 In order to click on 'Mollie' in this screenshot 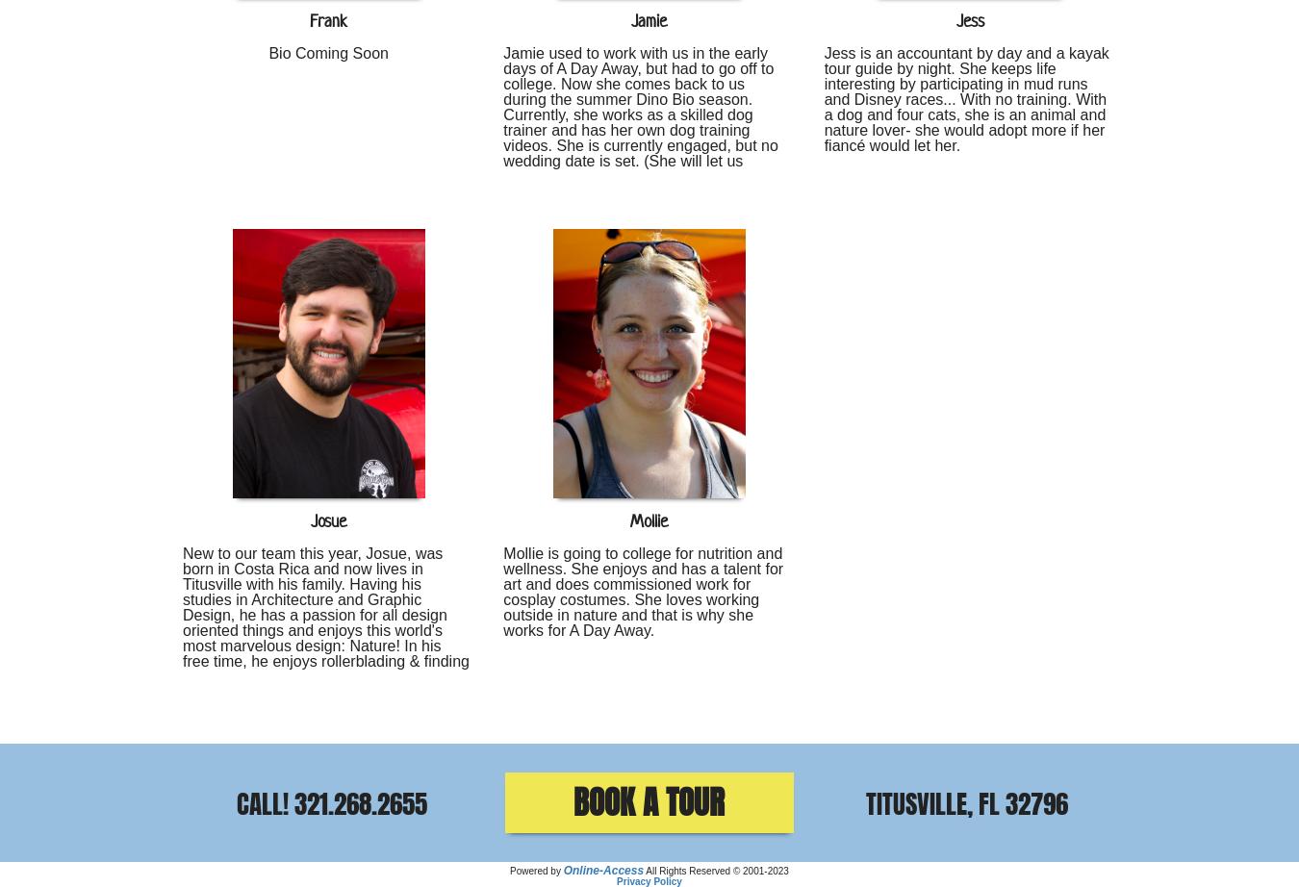, I will do `click(649, 520)`.